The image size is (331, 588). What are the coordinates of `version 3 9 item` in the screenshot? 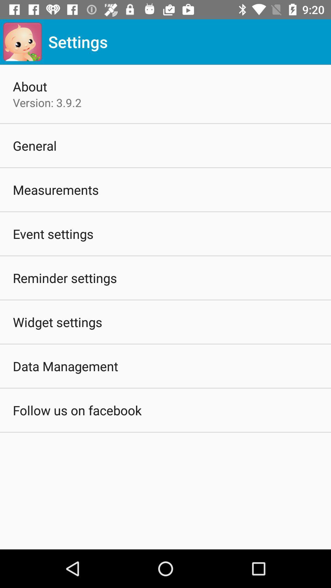 It's located at (47, 103).